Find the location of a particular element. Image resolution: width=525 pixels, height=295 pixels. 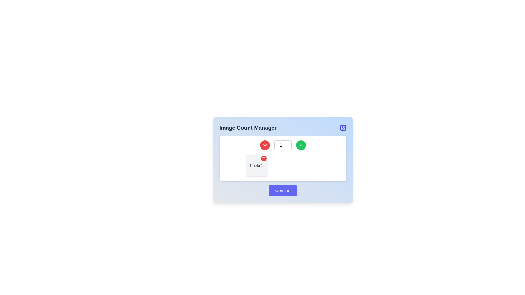

the 'Confirm' button with a blue background and white text located at the bottom center of the 'Image Count Manager' card section to confirm is located at coordinates (283, 190).